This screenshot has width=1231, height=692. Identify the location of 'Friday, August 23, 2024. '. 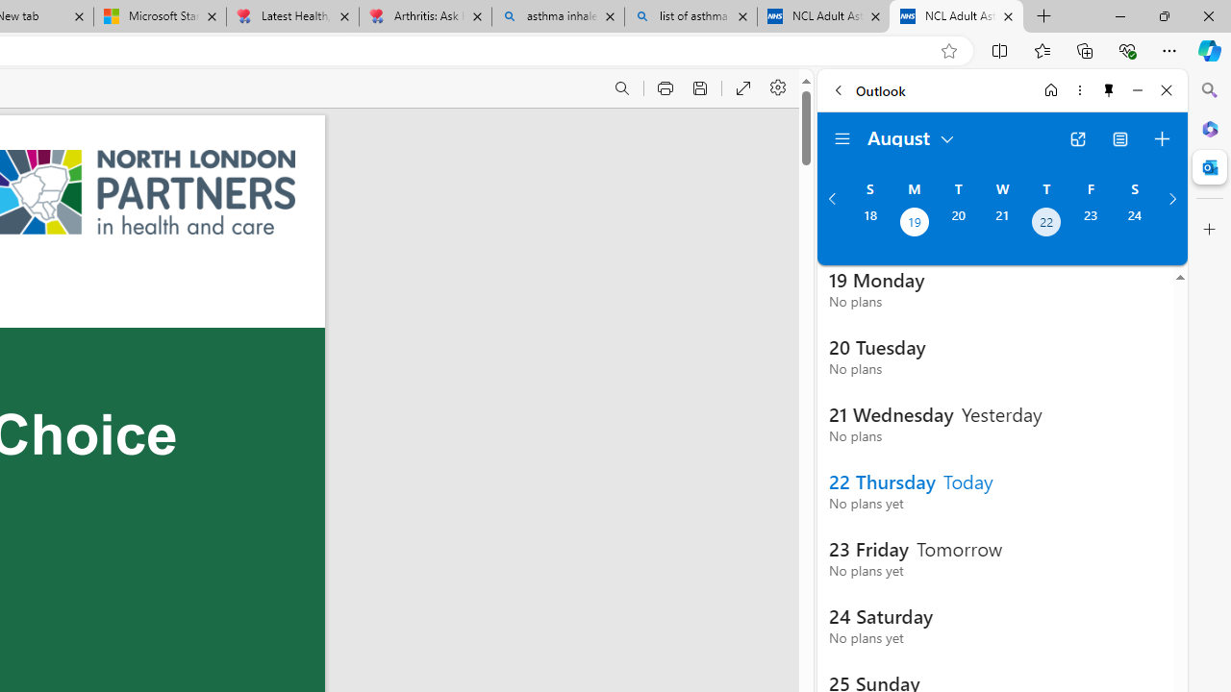
(1091, 223).